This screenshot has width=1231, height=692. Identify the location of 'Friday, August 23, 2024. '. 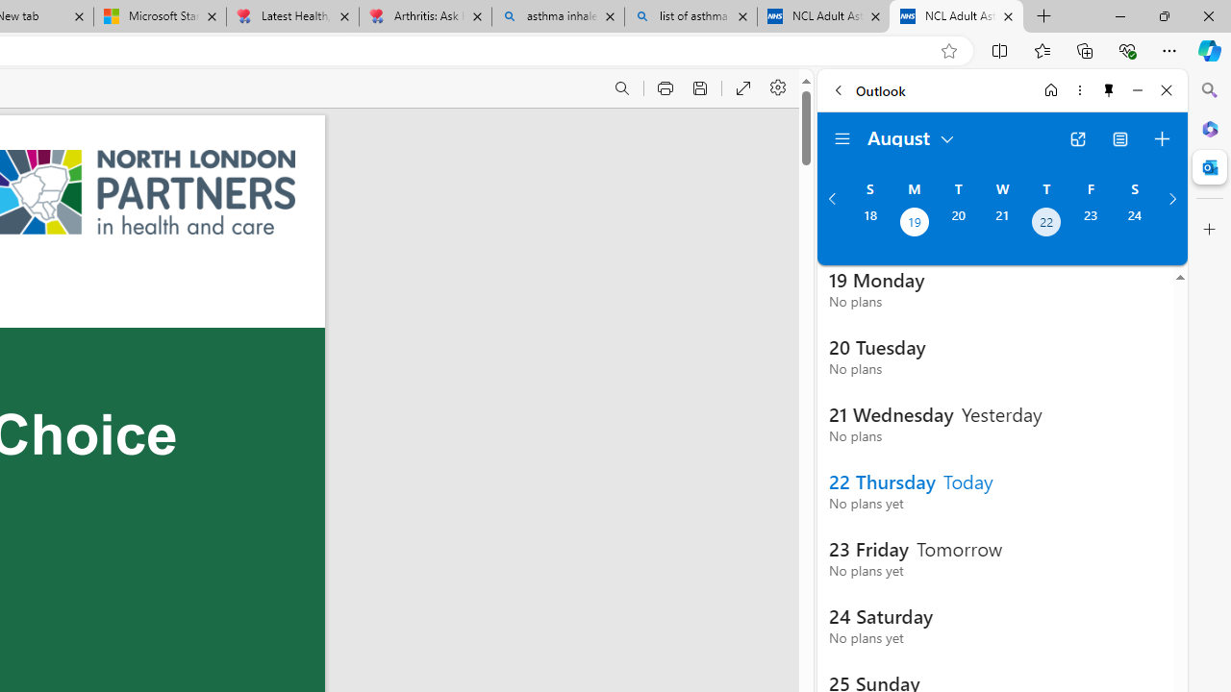
(1091, 223).